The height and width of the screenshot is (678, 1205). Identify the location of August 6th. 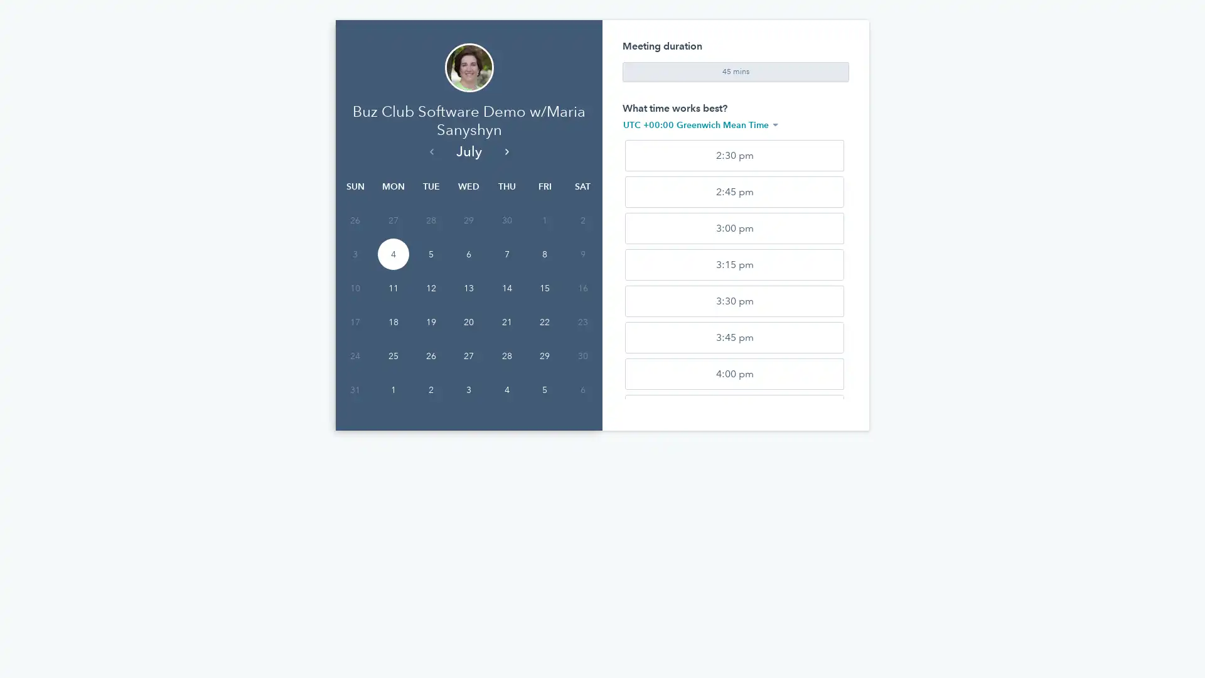
(581, 437).